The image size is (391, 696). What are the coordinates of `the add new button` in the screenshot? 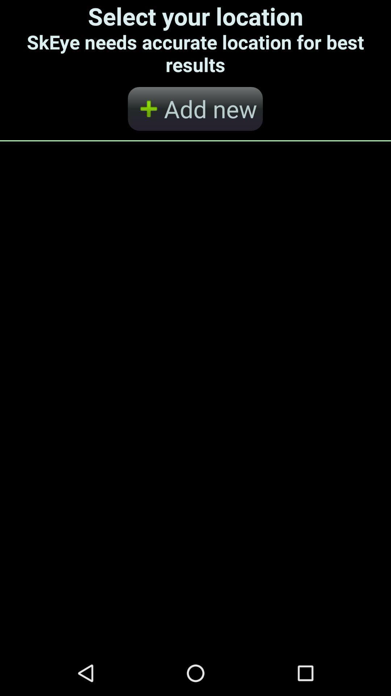 It's located at (195, 108).